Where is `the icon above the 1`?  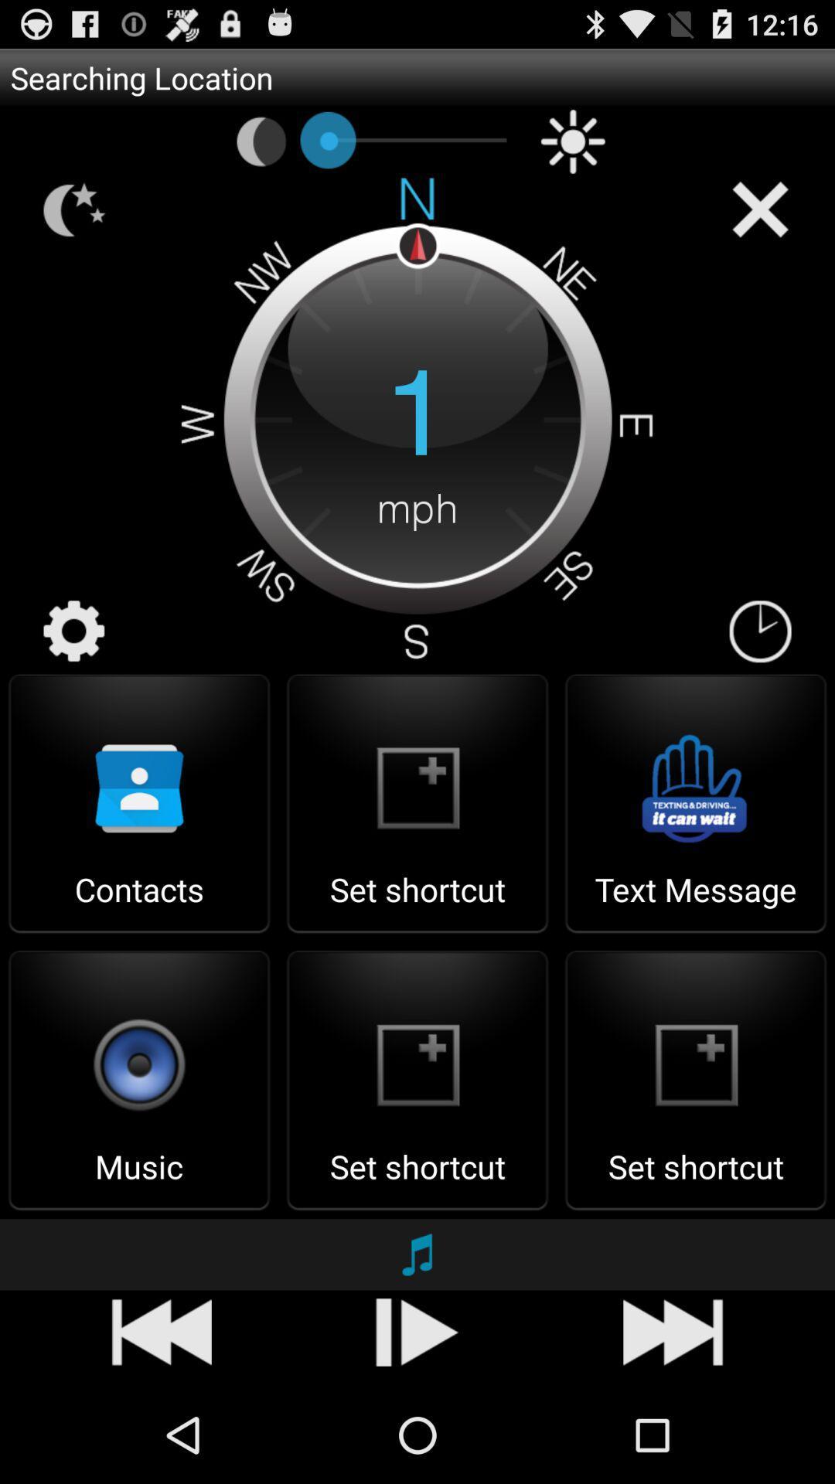 the icon above the 1 is located at coordinates (573, 141).